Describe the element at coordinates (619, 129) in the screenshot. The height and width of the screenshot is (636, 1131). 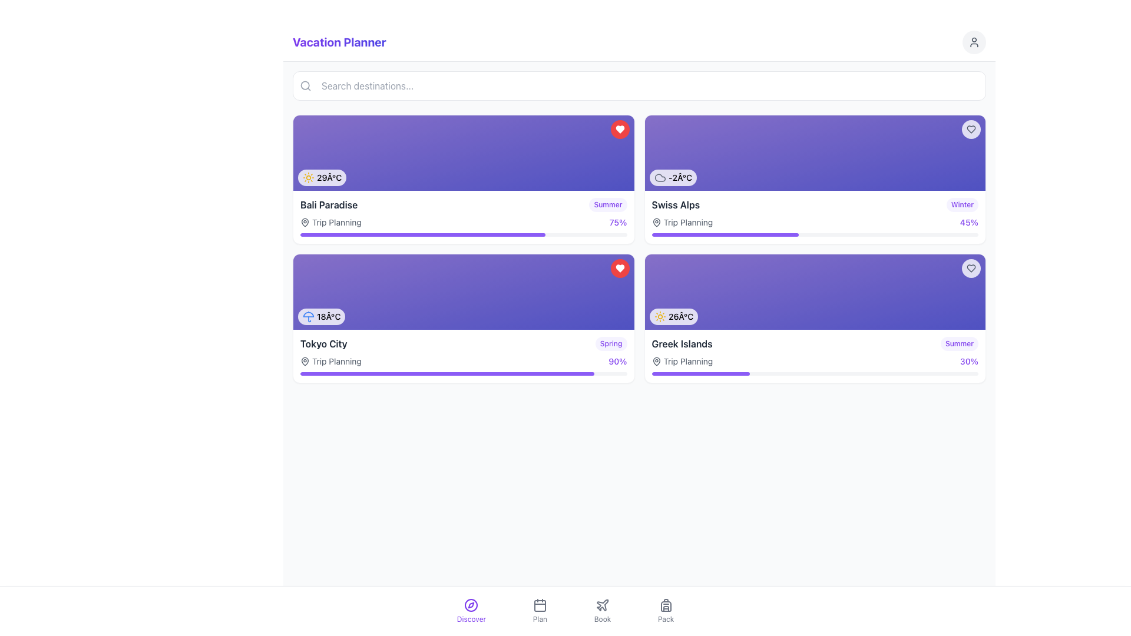
I see `the button-like component that features a heart icon, located in the top-right corner of the 'Bali Paradise' card` at that location.